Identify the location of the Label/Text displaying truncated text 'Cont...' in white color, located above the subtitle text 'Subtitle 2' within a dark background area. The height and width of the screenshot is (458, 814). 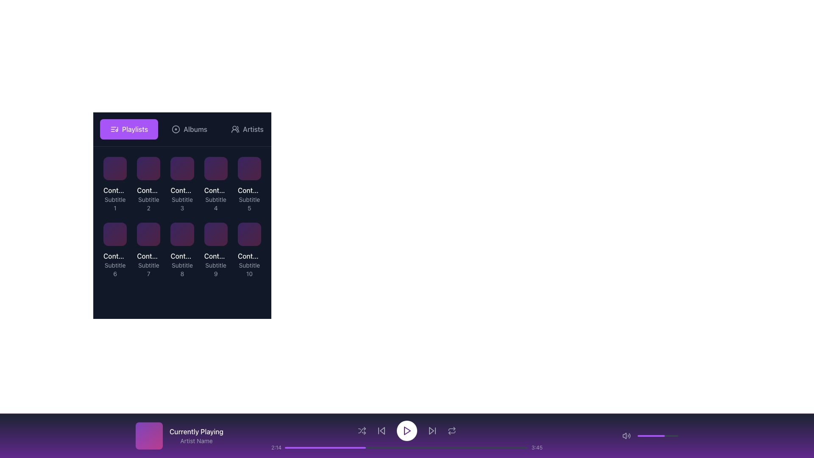
(148, 190).